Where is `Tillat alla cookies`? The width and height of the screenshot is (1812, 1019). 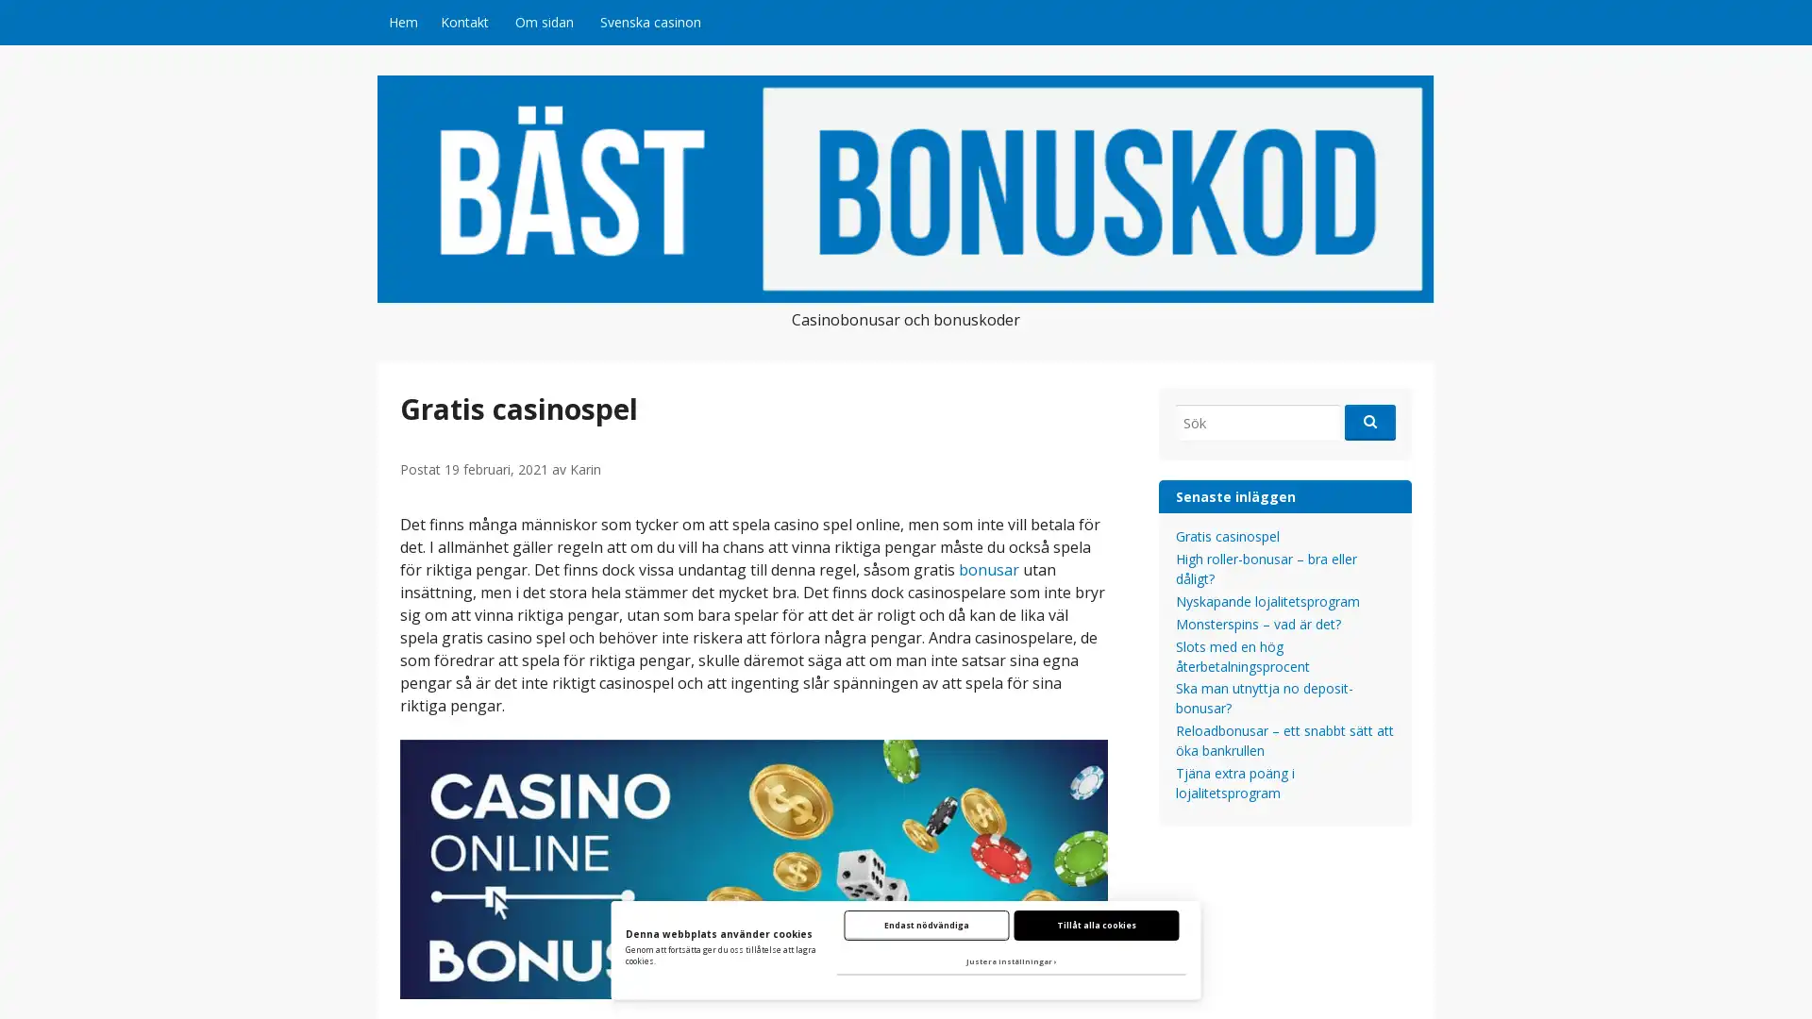
Tillat alla cookies is located at coordinates (1096, 924).